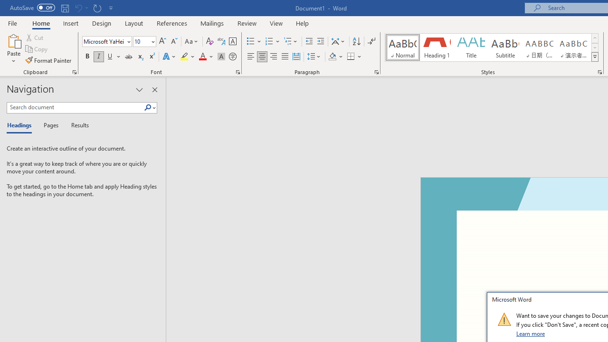  Describe the element at coordinates (21, 125) in the screenshot. I see `'Headings'` at that location.